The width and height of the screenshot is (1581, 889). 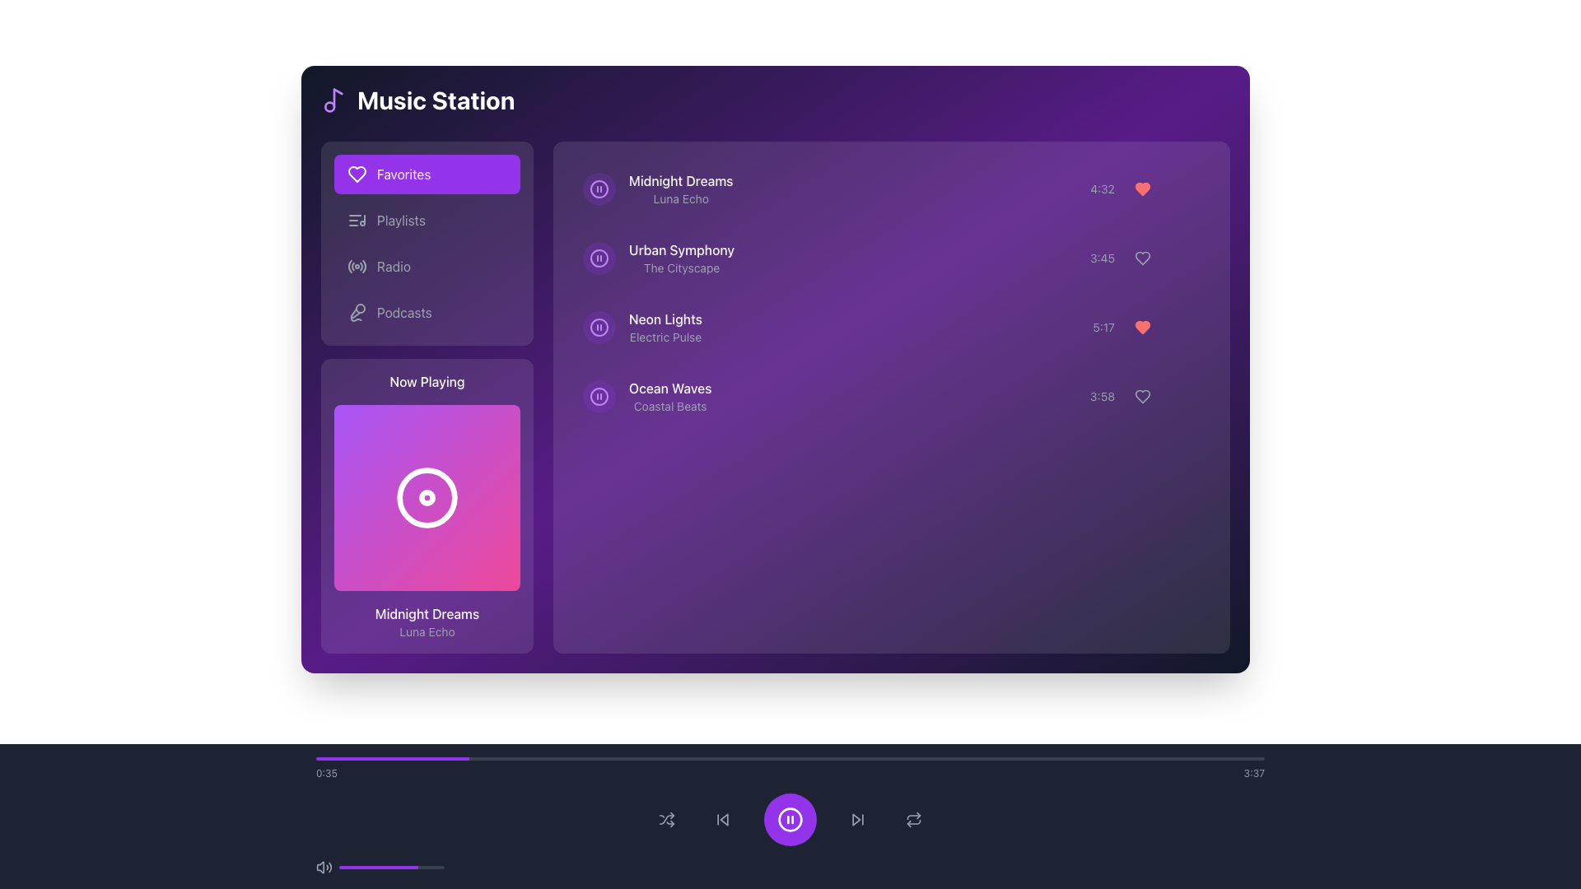 What do you see at coordinates (1145, 258) in the screenshot?
I see `the heart-shaped interactive icon located next to the '3:45' text to mark the song 'Urban Symphony' as a favorite` at bounding box center [1145, 258].